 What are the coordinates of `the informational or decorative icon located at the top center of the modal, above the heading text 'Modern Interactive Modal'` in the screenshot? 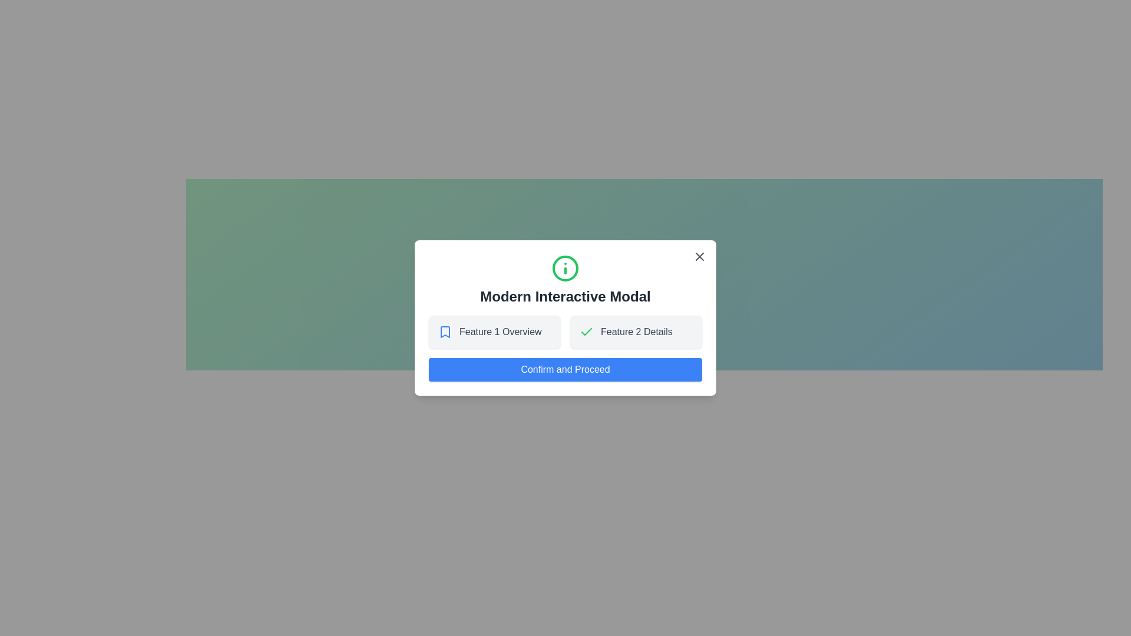 It's located at (565, 268).